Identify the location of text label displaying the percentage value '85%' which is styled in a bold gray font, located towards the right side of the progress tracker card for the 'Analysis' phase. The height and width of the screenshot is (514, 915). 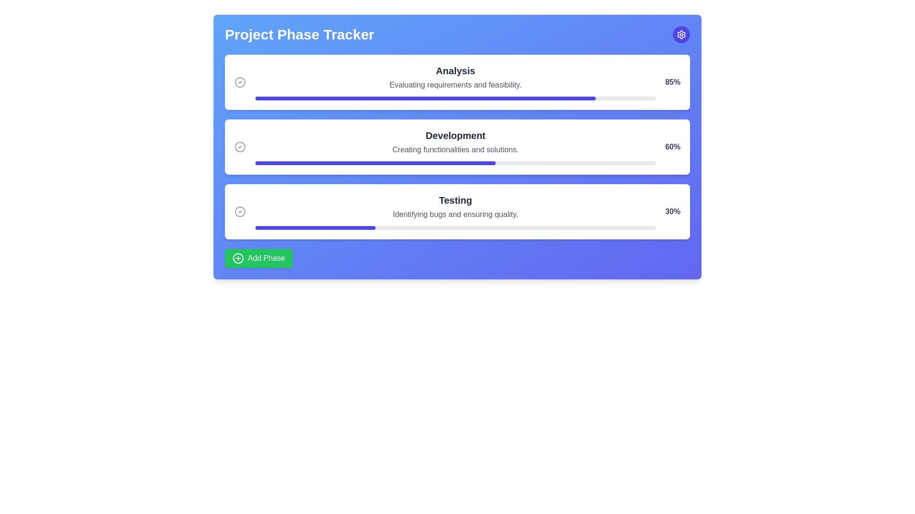
(672, 82).